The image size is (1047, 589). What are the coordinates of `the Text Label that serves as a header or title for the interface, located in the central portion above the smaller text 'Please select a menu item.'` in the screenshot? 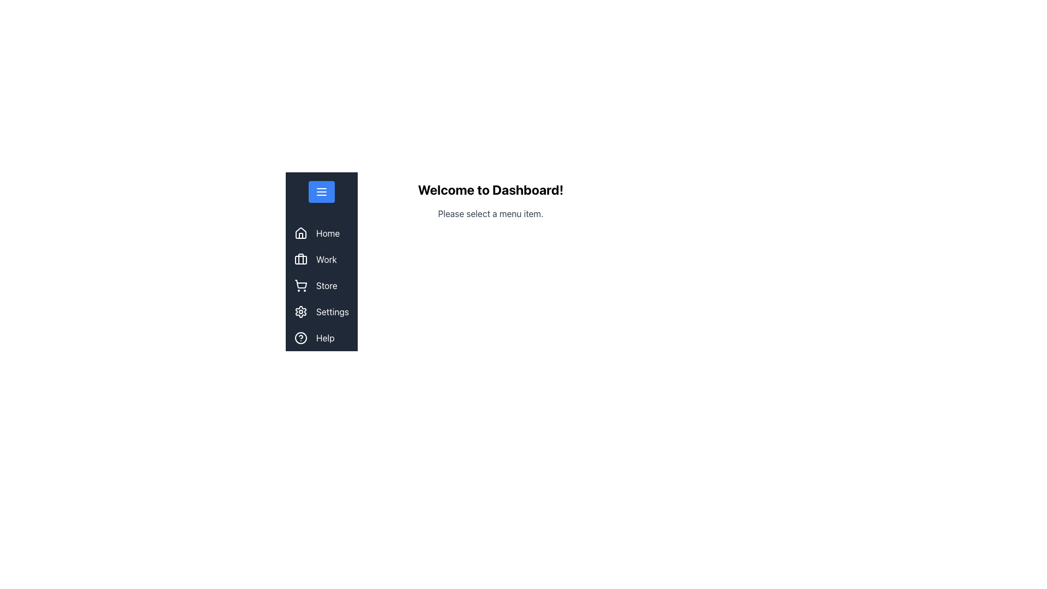 It's located at (490, 189).